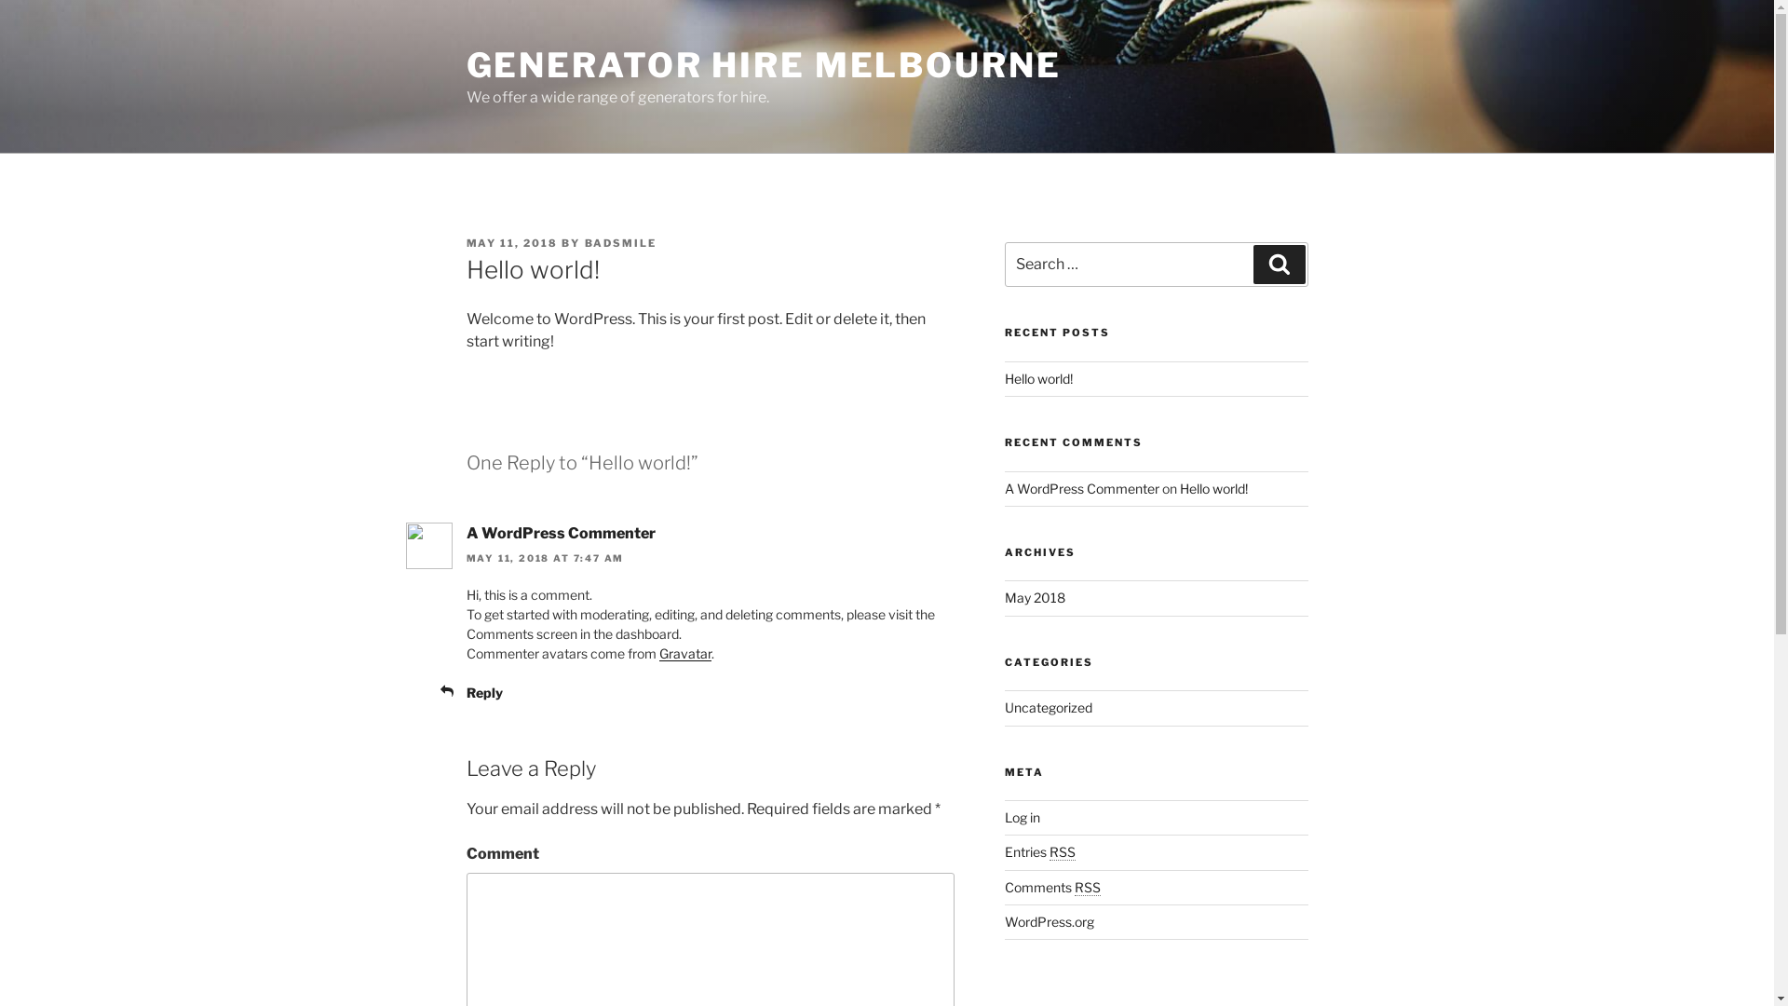  Describe the element at coordinates (465, 692) in the screenshot. I see `'Reply'` at that location.